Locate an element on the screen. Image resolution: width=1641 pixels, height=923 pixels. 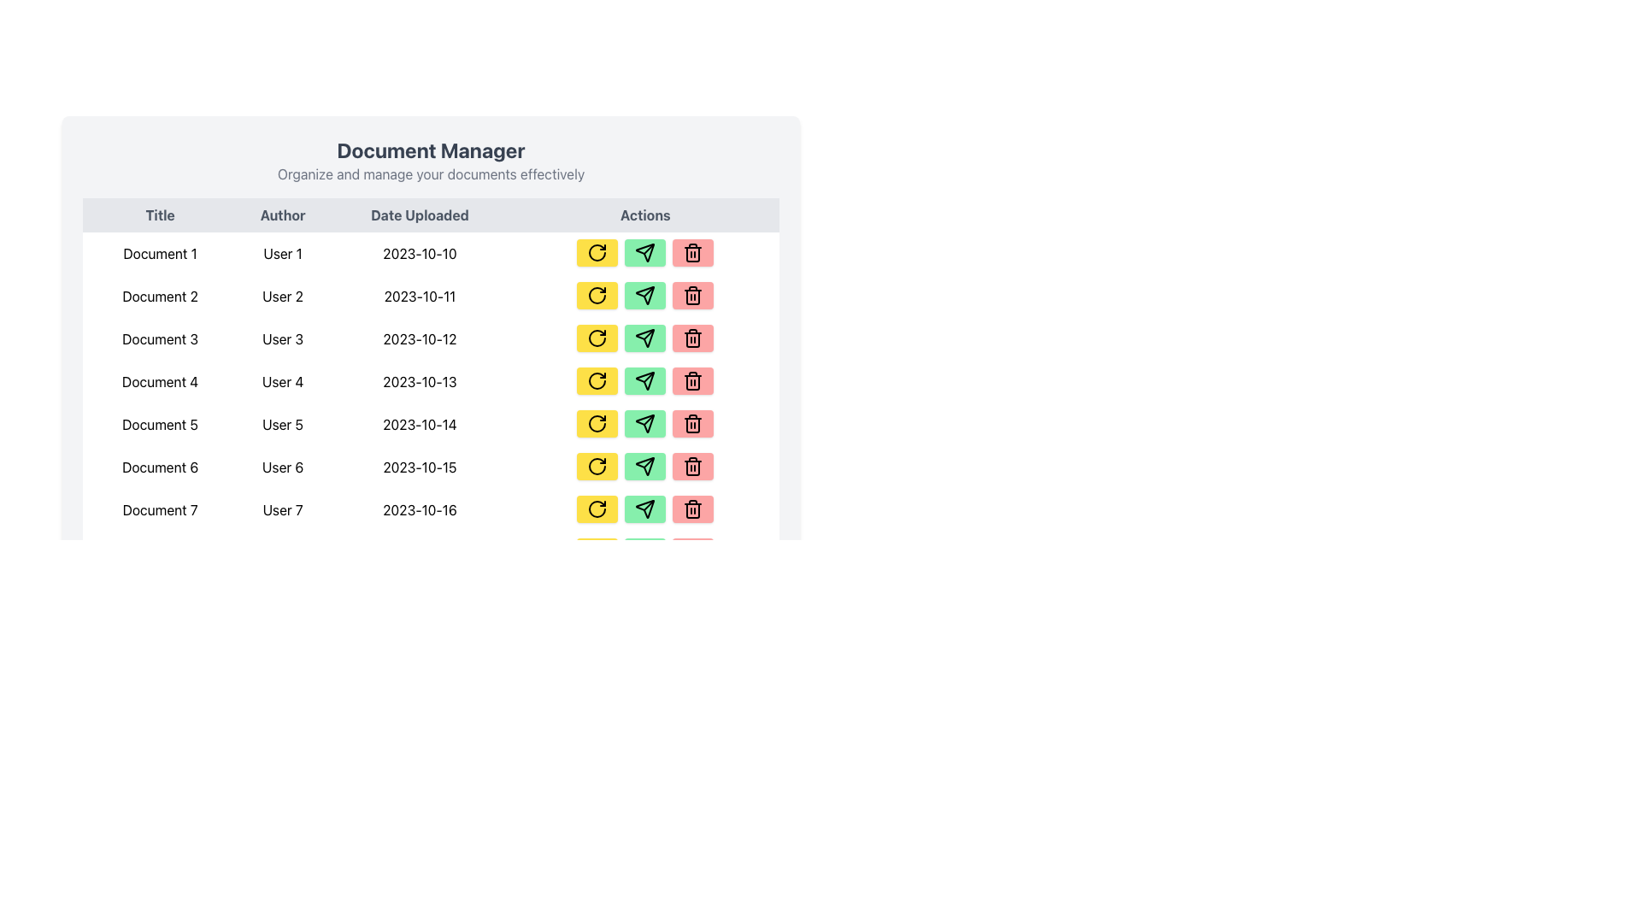
the arrow icon in the 'Actions' column corresponding to 'Document 4' is located at coordinates (648, 376).